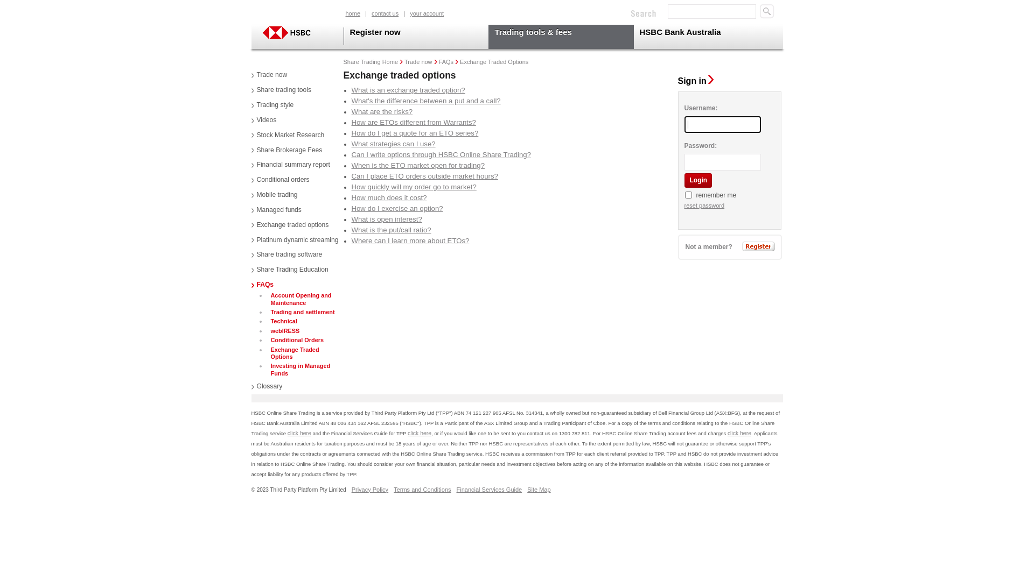 This screenshot has width=1034, height=581. I want to click on 'Share Trading Home', so click(371, 62).